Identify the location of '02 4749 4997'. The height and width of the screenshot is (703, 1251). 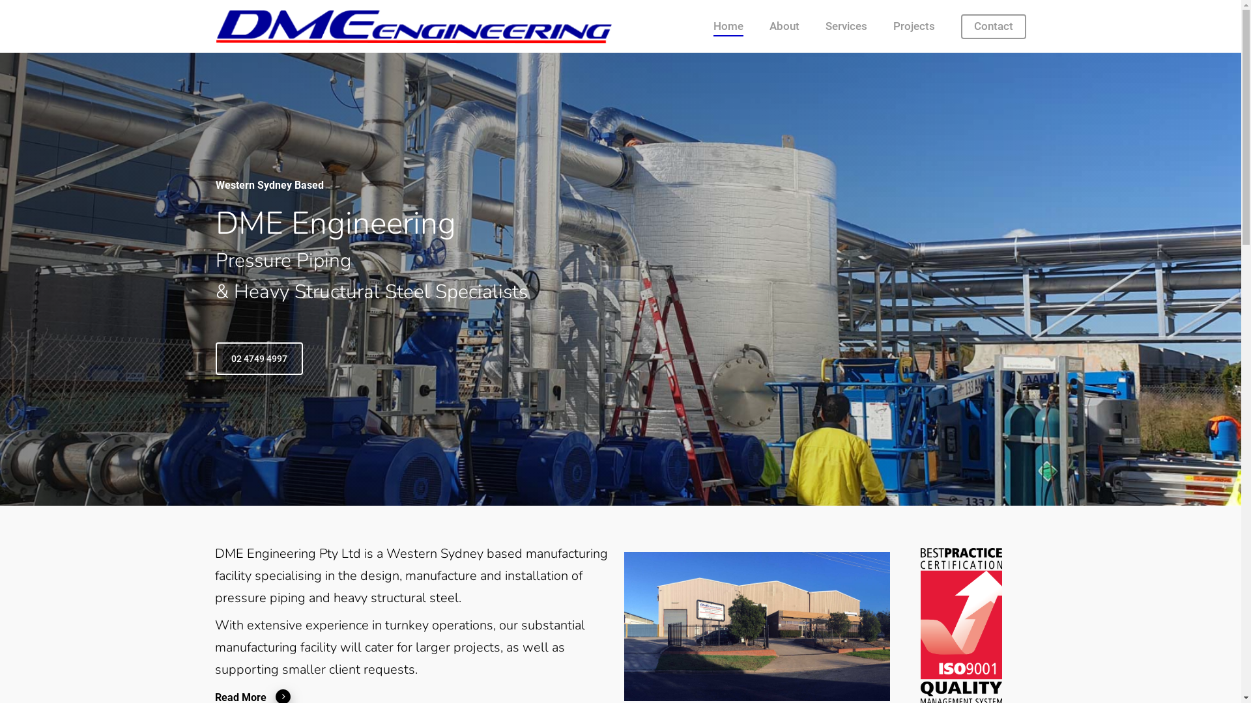
(259, 359).